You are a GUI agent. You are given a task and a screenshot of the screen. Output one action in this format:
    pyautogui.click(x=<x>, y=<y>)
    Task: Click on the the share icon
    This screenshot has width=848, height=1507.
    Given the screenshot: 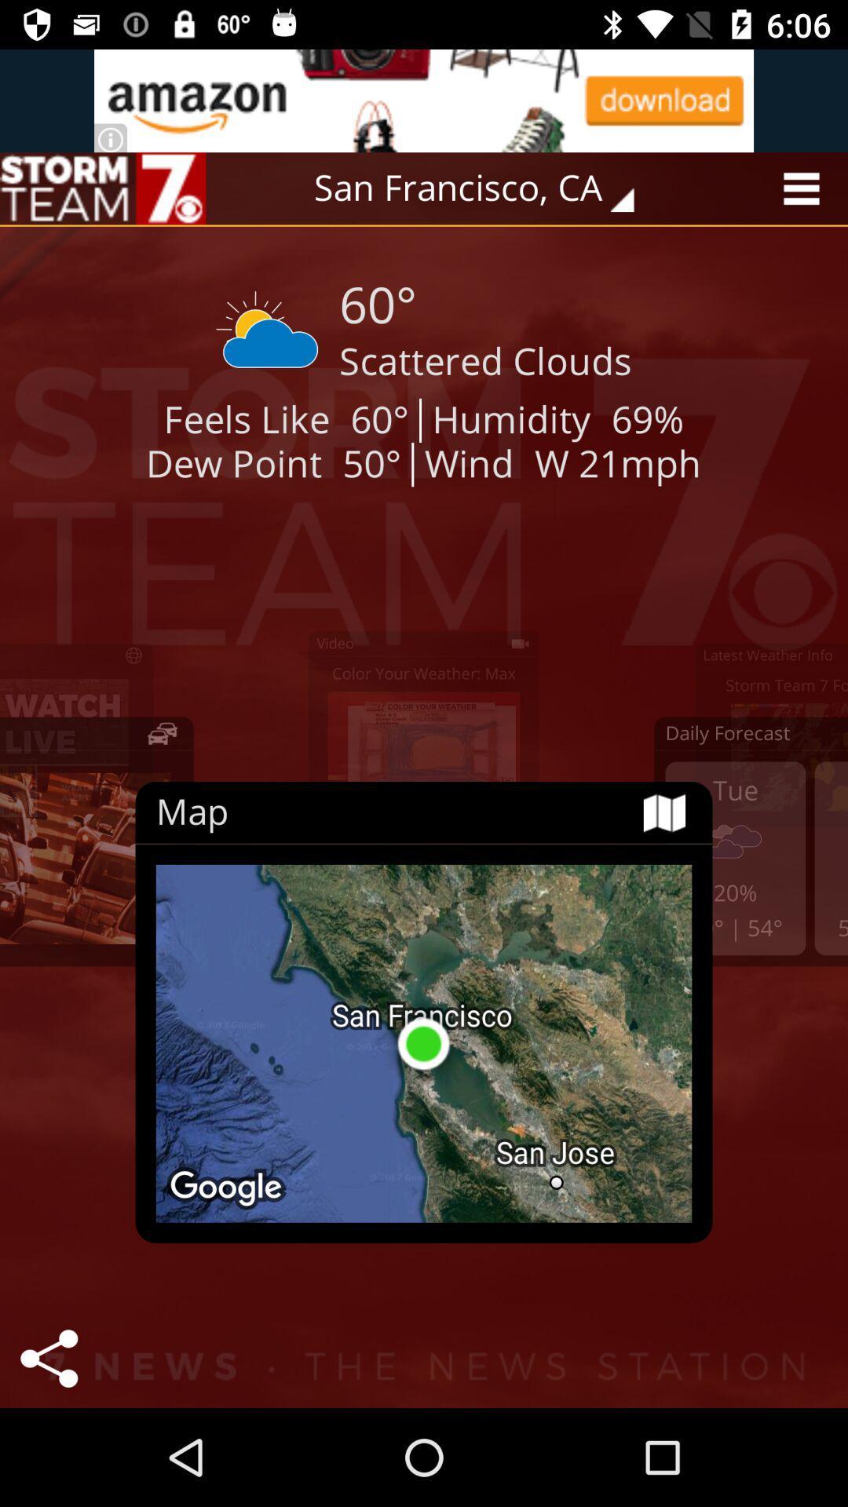 What is the action you would take?
    pyautogui.click(x=48, y=1358)
    